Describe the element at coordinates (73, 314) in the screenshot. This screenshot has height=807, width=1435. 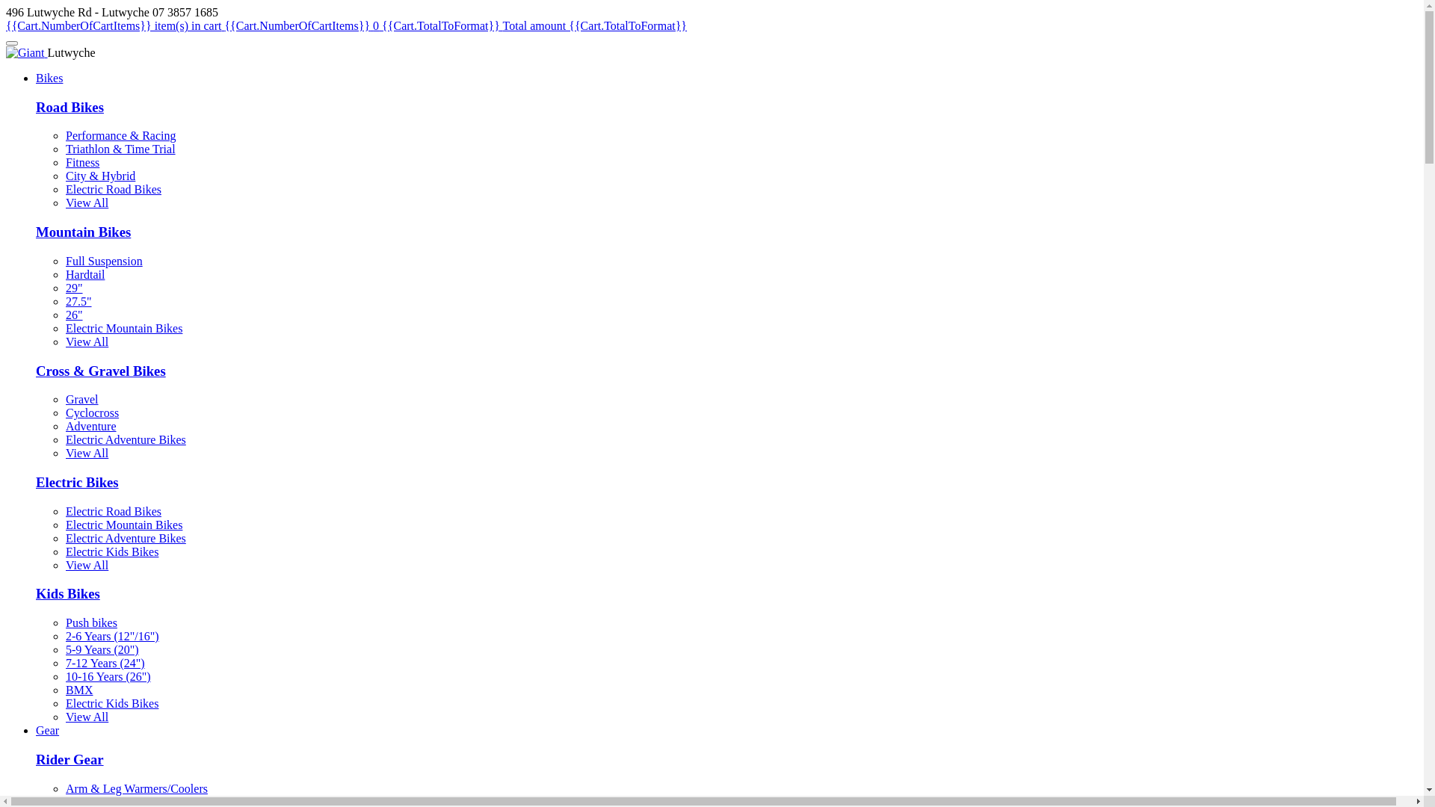
I see `'26"'` at that location.